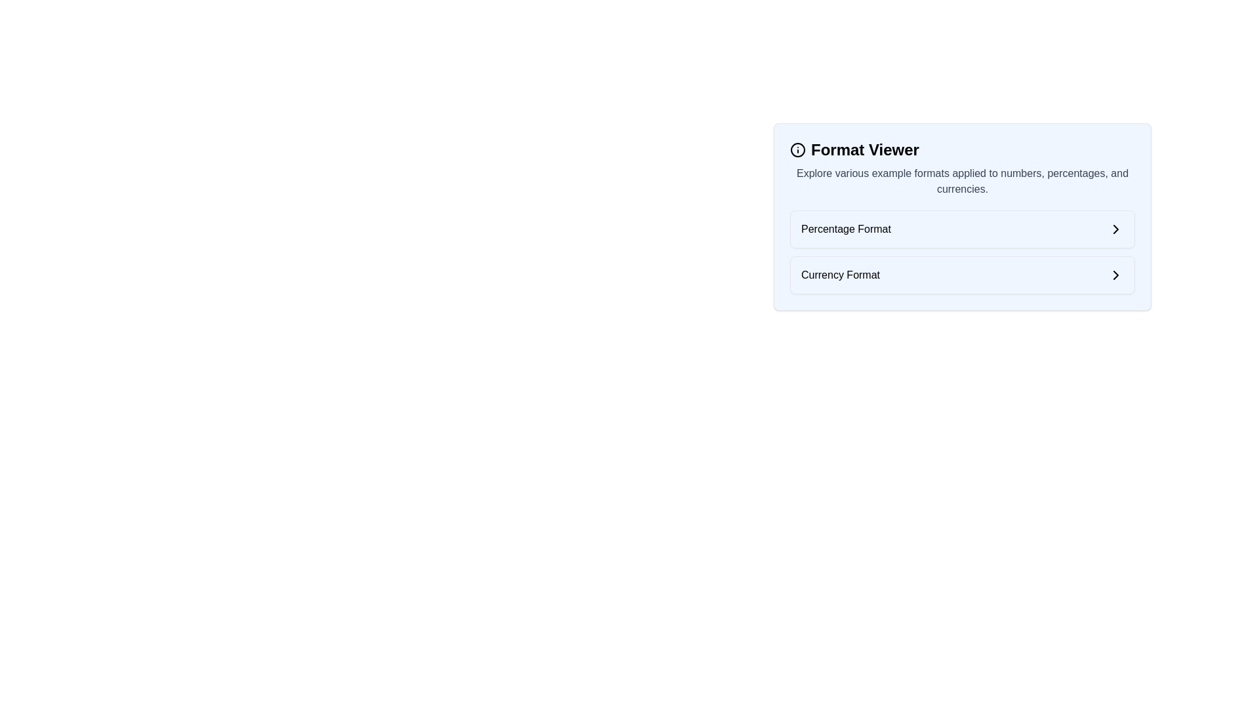  I want to click on the right-pointing chevron icon located in the 'Currency Format' button to visually highlight it, so click(1115, 275).